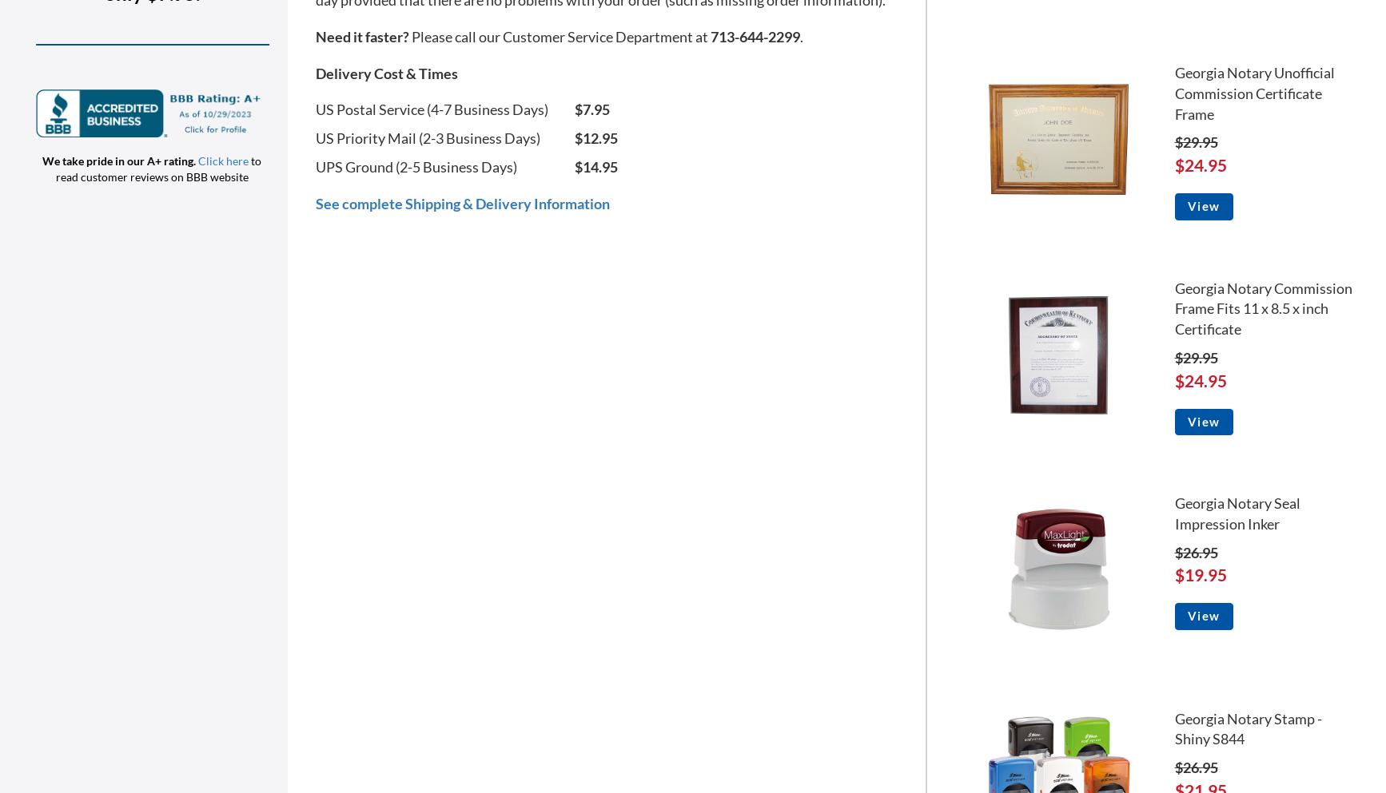  I want to click on 'US Priority Mail (2-3 Business Days)', so click(316, 137).